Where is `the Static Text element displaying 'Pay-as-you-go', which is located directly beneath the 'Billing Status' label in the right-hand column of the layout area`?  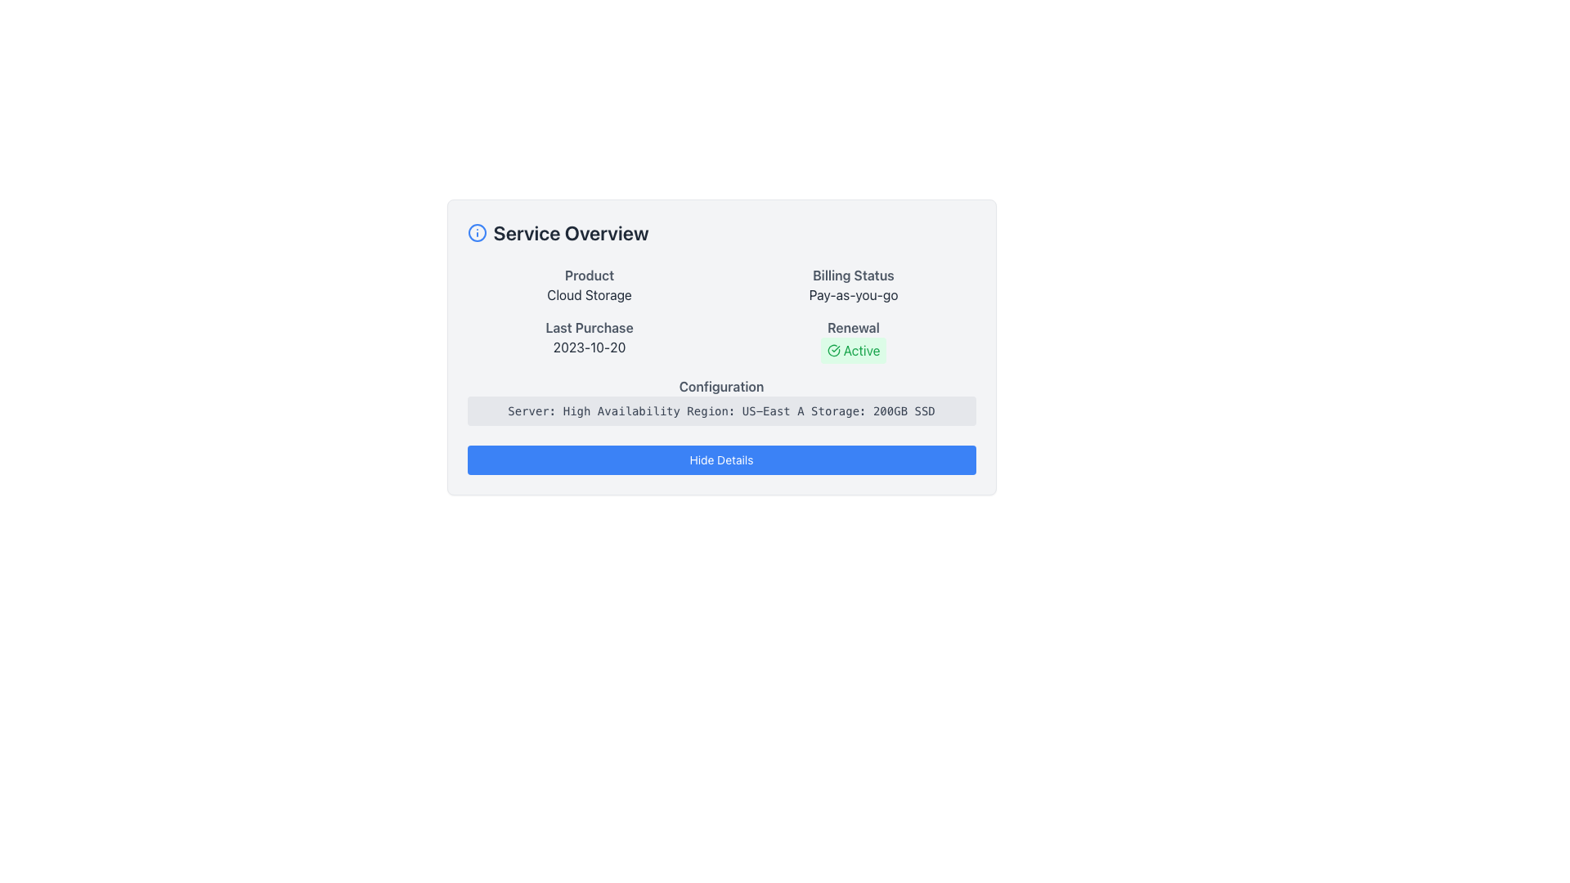 the Static Text element displaying 'Pay-as-you-go', which is located directly beneath the 'Billing Status' label in the right-hand column of the layout area is located at coordinates (852, 295).